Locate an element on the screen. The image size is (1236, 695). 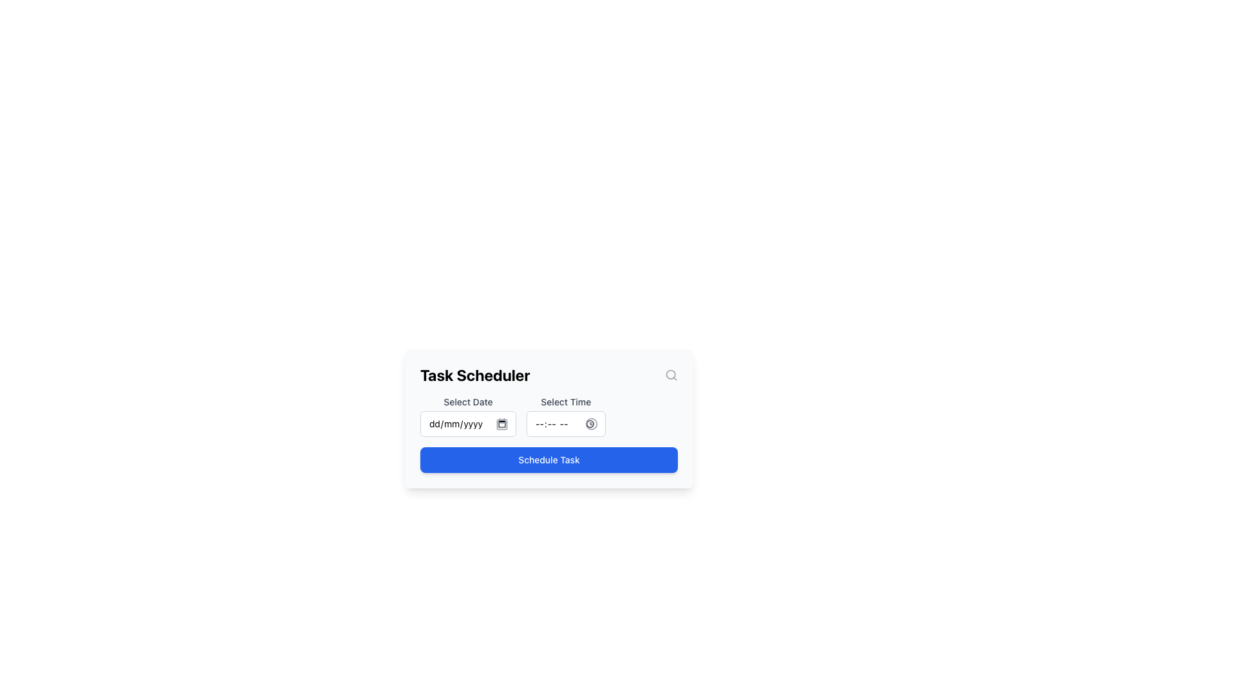
the magnifying glass icon located at the far-right side of the bar in the 'Task Scheduler' card to initiate a search is located at coordinates (670, 375).